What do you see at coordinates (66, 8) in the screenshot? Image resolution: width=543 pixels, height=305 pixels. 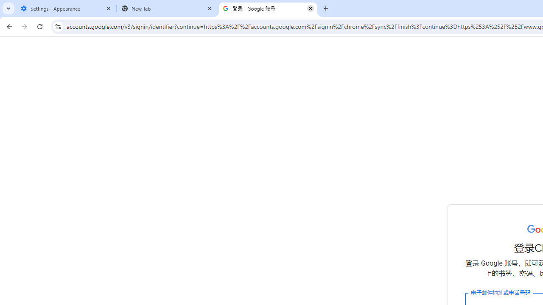 I see `'Settings - Appearance'` at bounding box center [66, 8].